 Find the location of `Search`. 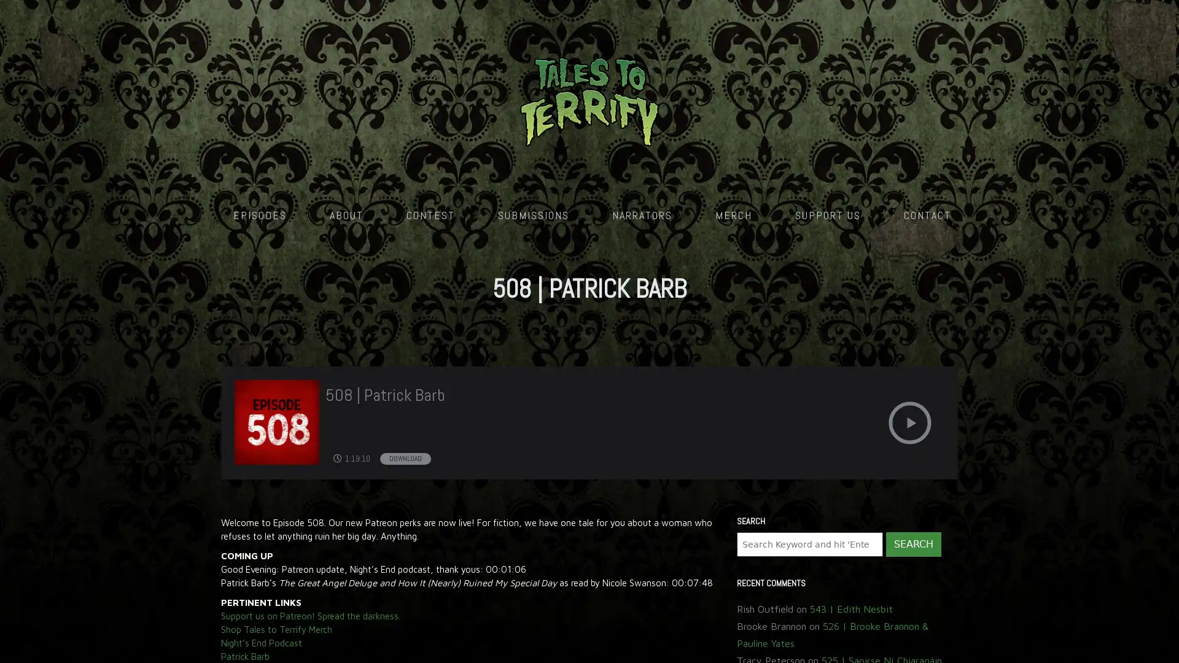

Search is located at coordinates (913, 284).